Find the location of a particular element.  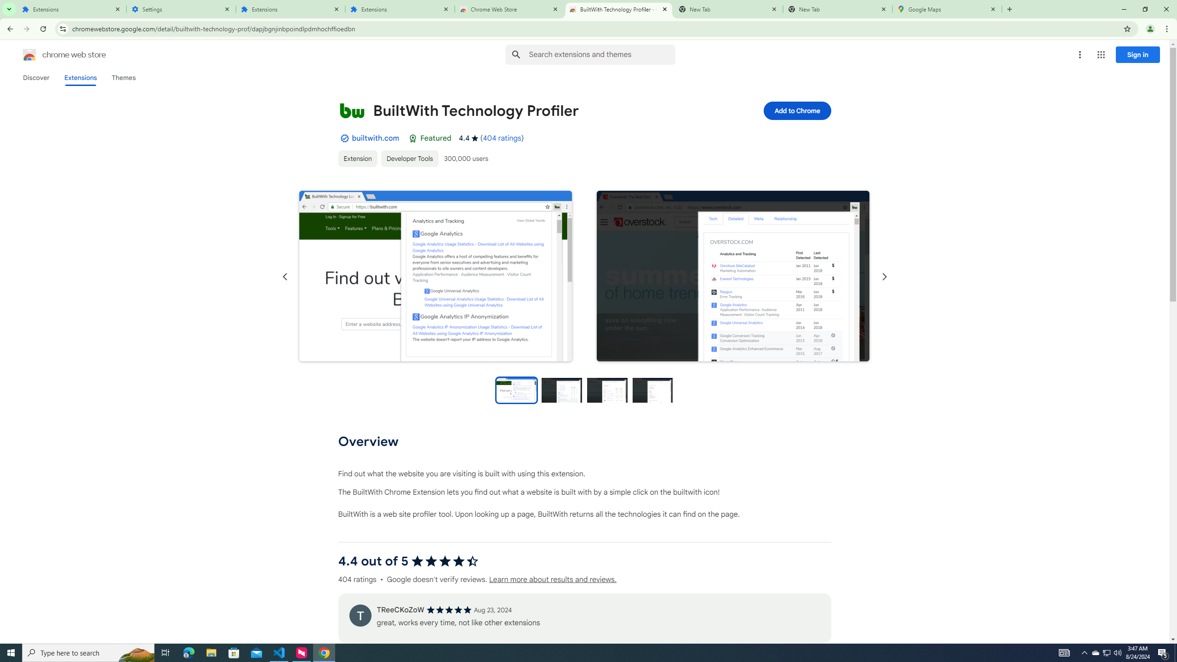

'New Tab' is located at coordinates (838, 9).